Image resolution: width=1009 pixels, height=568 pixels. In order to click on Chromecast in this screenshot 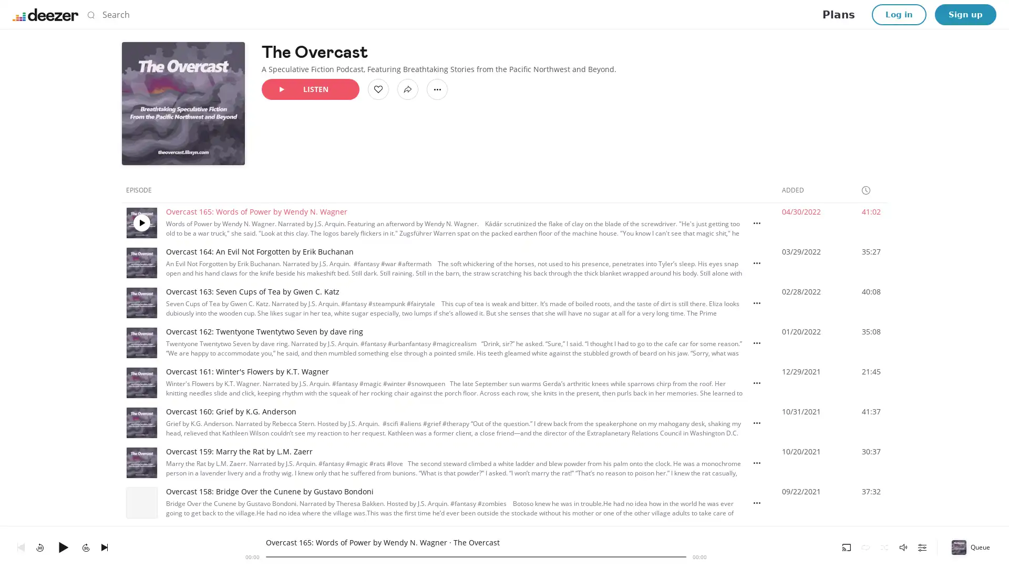, I will do `click(847, 546)`.